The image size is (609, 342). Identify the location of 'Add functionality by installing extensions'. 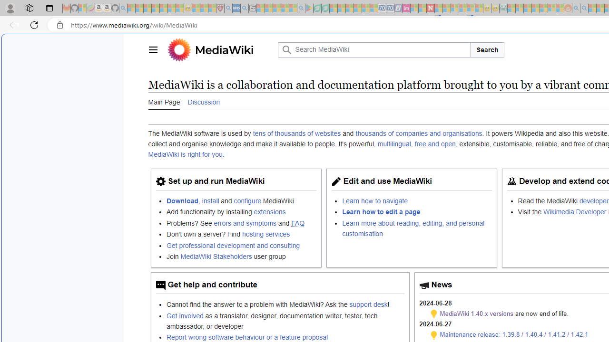
(241, 211).